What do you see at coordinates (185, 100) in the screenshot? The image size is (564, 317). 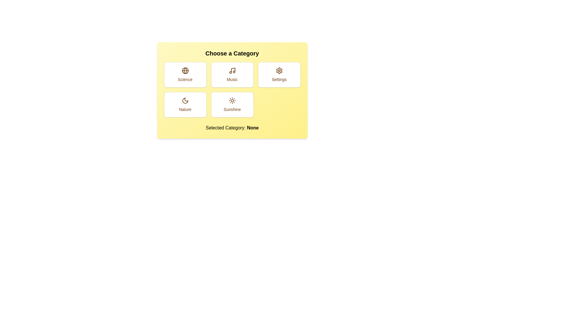 I see `the 'Nature' category icon, which is represented by a crescent moon, located in the bottom-left button of the grid under 'Choose a Category'` at bounding box center [185, 100].